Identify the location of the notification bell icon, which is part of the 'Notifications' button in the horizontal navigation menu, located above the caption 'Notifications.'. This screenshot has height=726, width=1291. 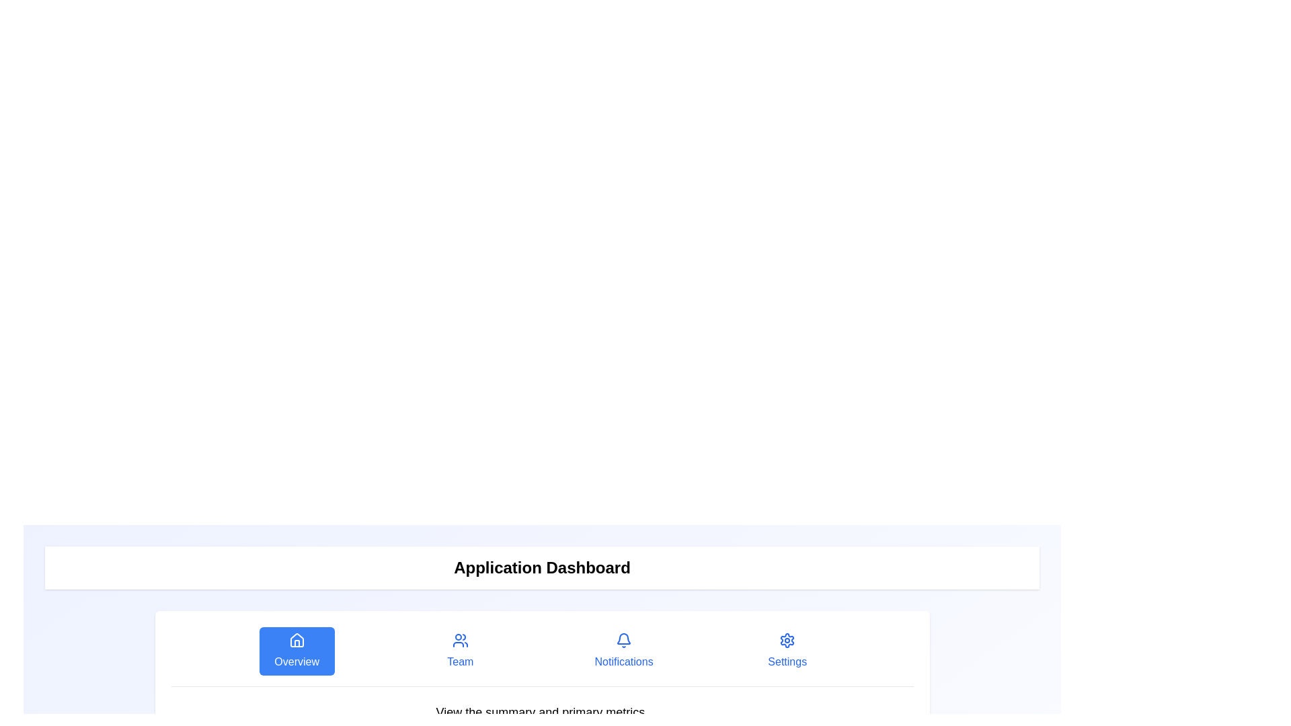
(623, 639).